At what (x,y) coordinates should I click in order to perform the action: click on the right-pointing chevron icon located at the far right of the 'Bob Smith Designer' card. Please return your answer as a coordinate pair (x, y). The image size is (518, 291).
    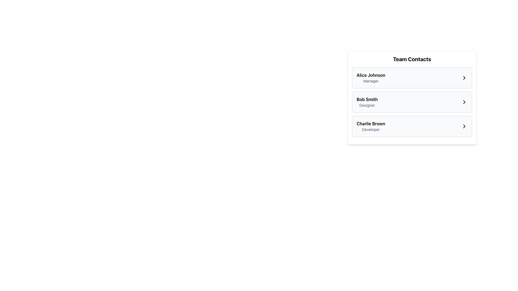
    Looking at the image, I should click on (464, 102).